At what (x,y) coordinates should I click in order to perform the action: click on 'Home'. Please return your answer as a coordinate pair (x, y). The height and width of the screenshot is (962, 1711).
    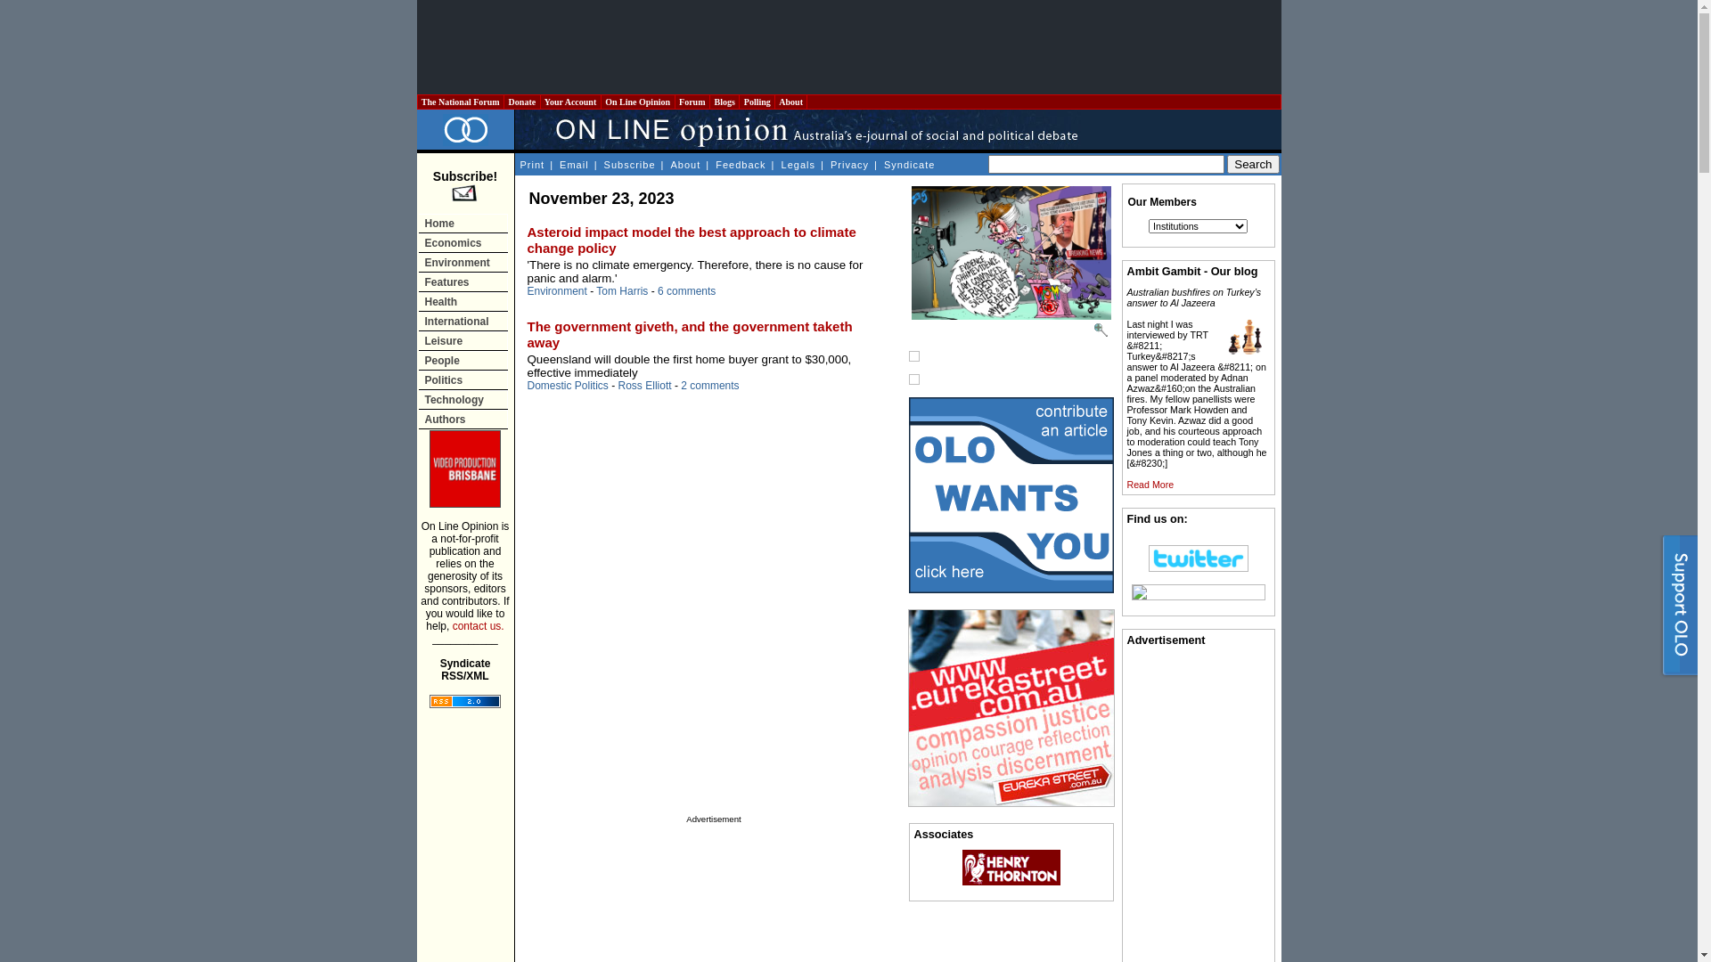
    Looking at the image, I should click on (463, 222).